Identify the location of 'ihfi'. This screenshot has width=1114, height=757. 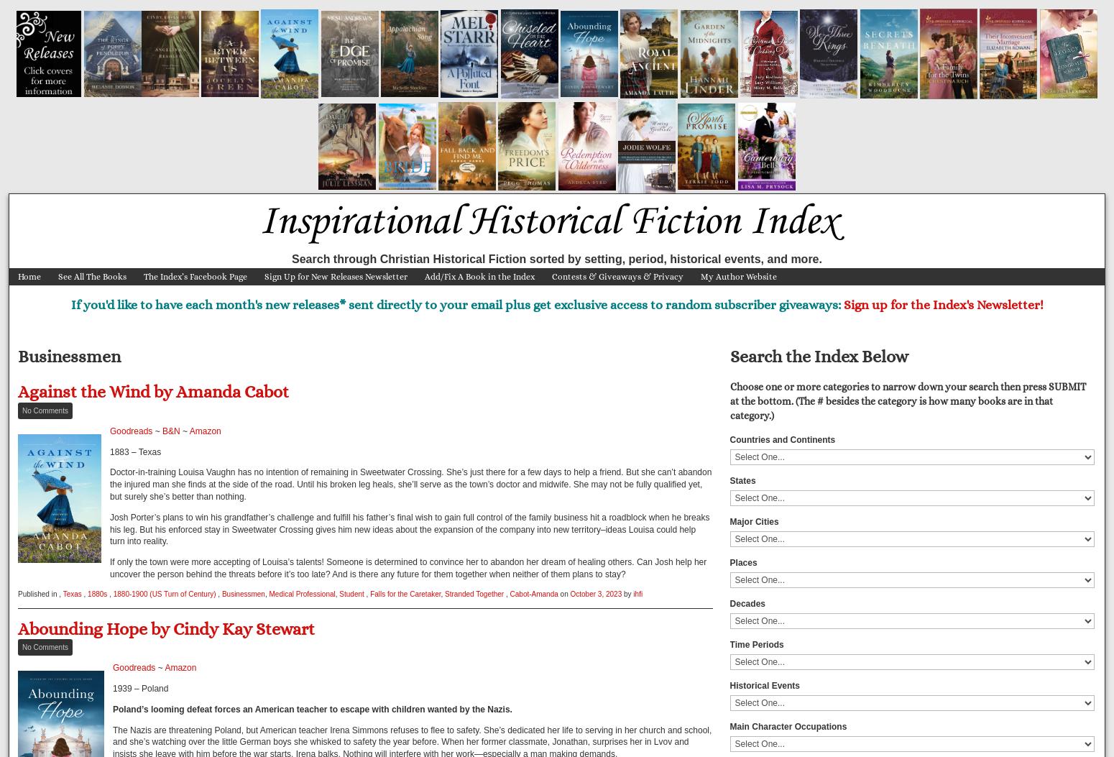
(637, 592).